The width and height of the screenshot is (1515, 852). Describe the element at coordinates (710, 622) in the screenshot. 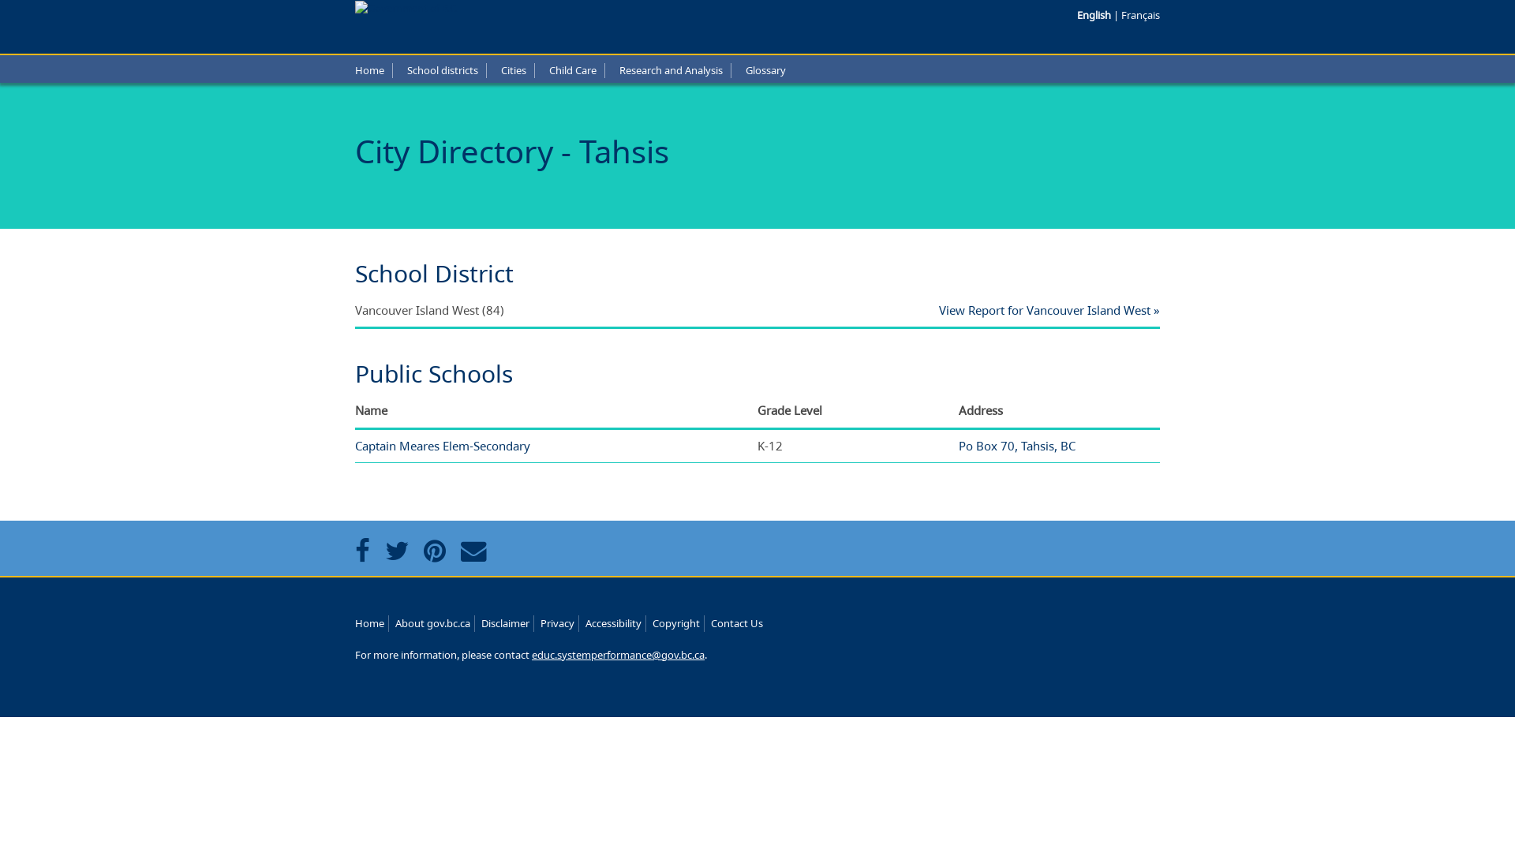

I see `'Contact Us'` at that location.